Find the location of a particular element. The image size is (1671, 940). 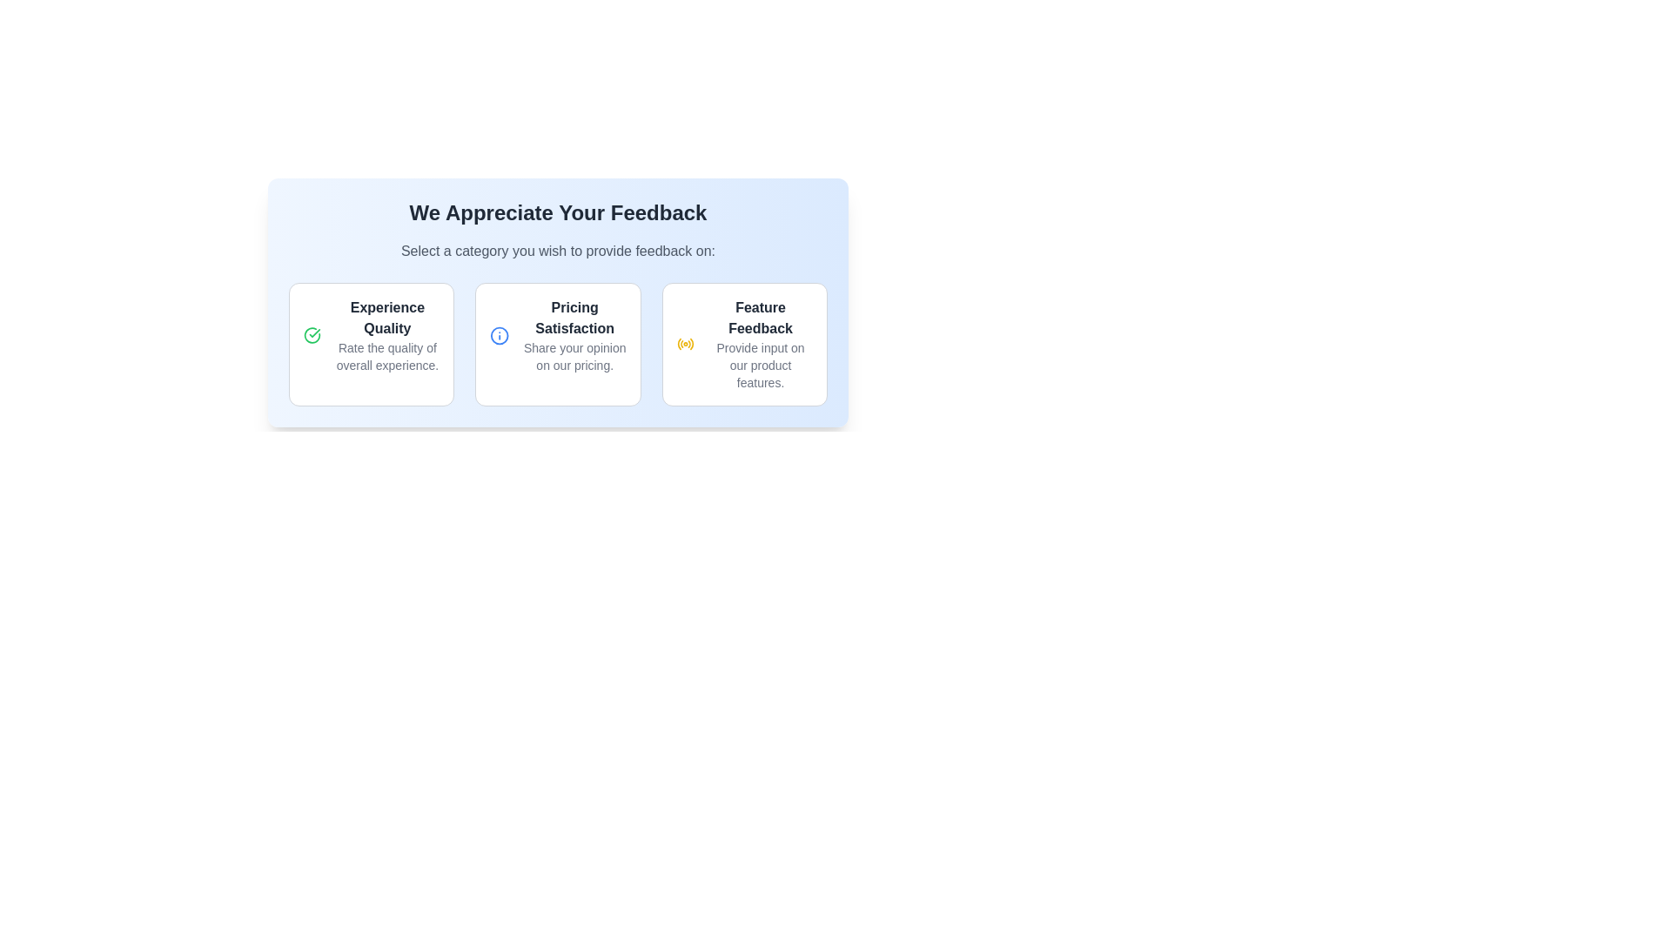

the first option in the feedback selection interface is located at coordinates (386, 335).